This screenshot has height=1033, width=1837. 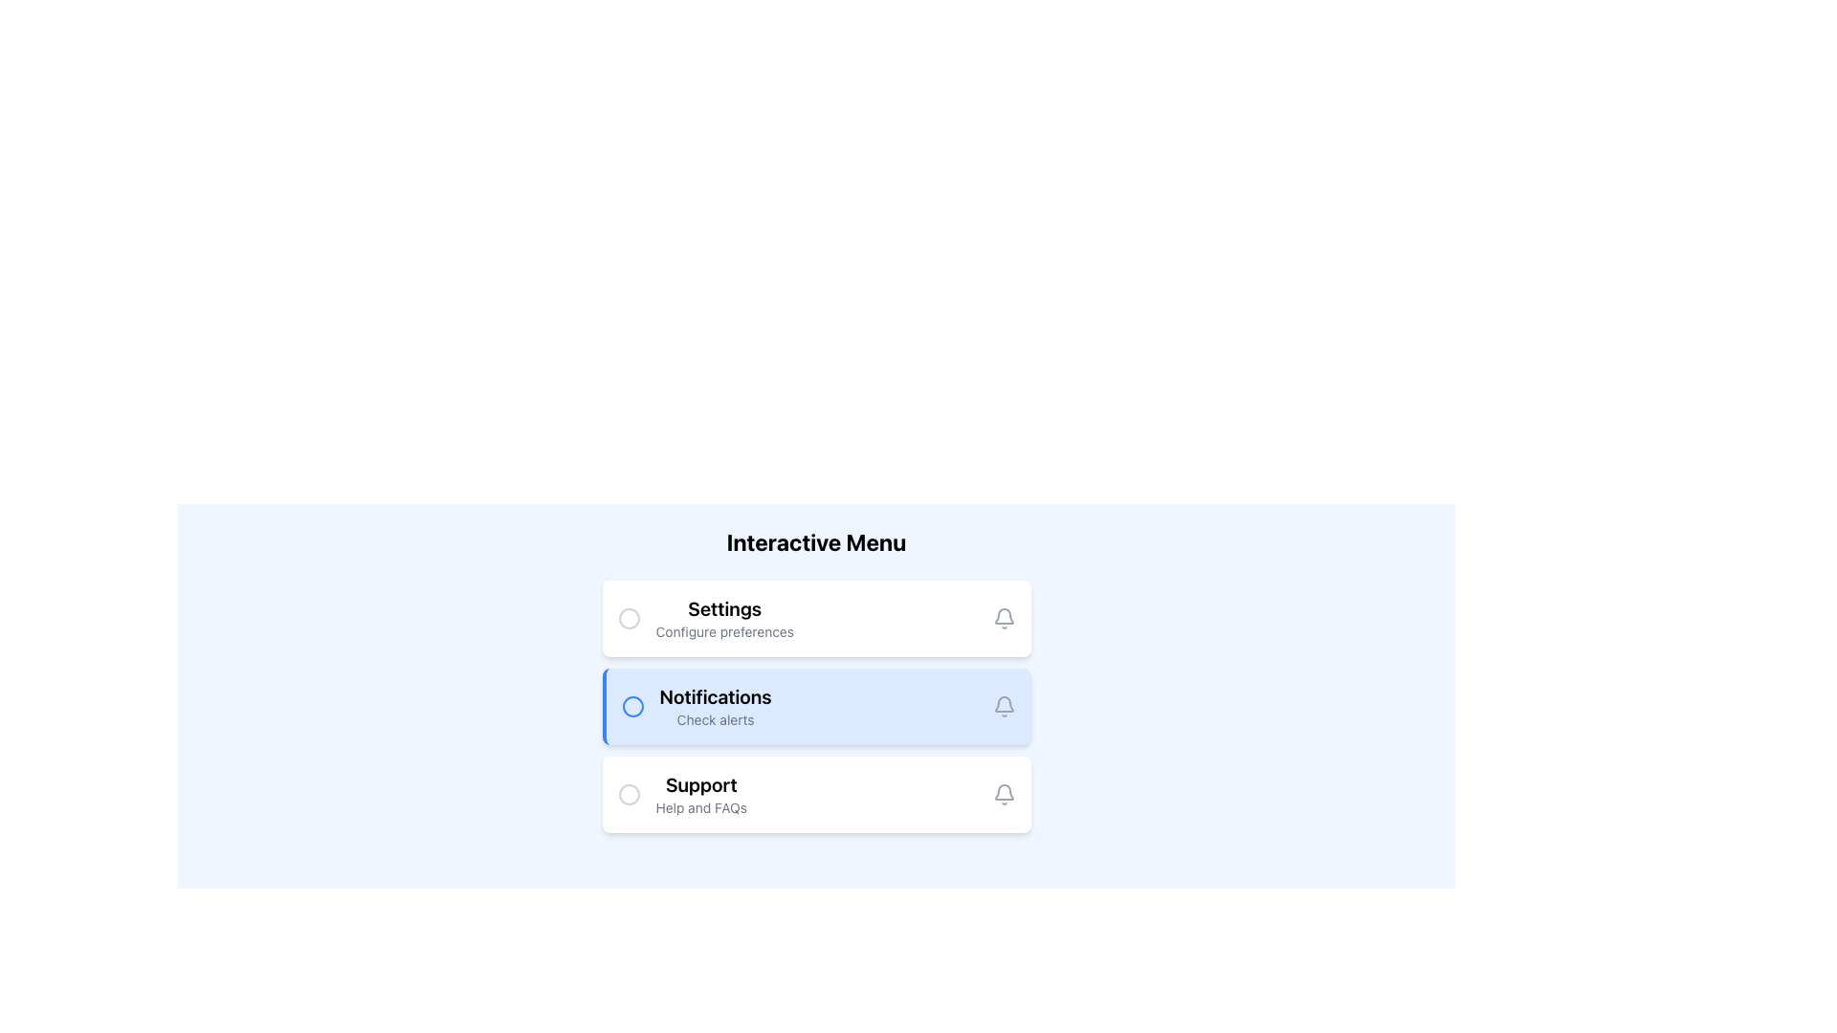 I want to click on the status of the circular icon positioned immediately to the left of the 'Settings' label in the horizontal layout, so click(x=629, y=619).